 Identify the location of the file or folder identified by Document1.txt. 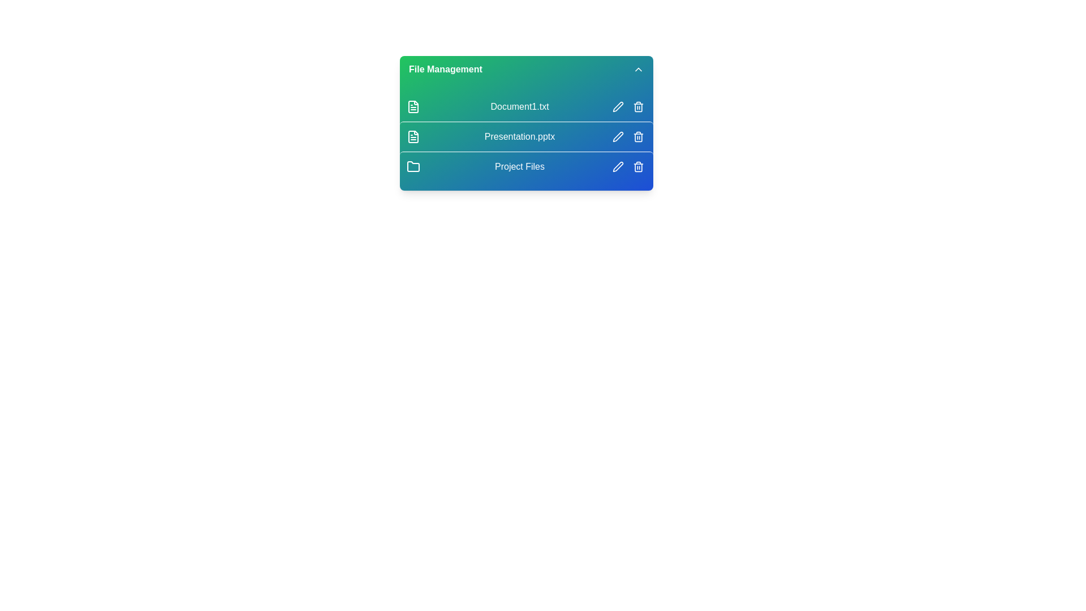
(526, 107).